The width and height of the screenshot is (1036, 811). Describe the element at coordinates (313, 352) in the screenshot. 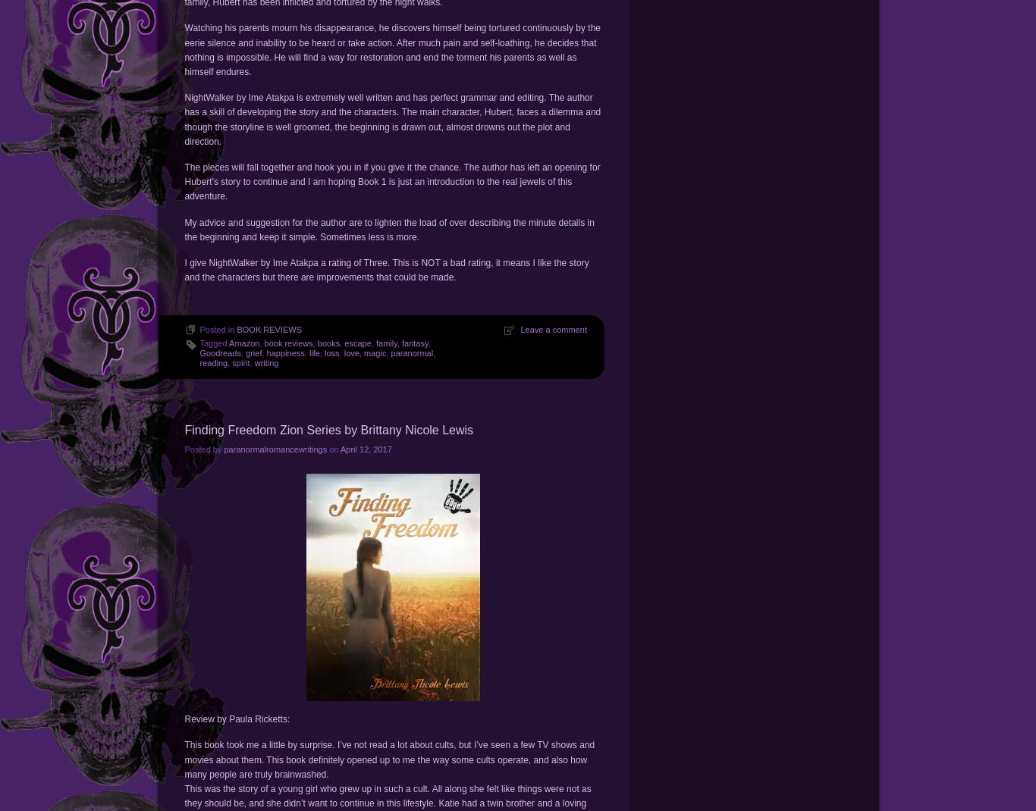

I see `'life'` at that location.